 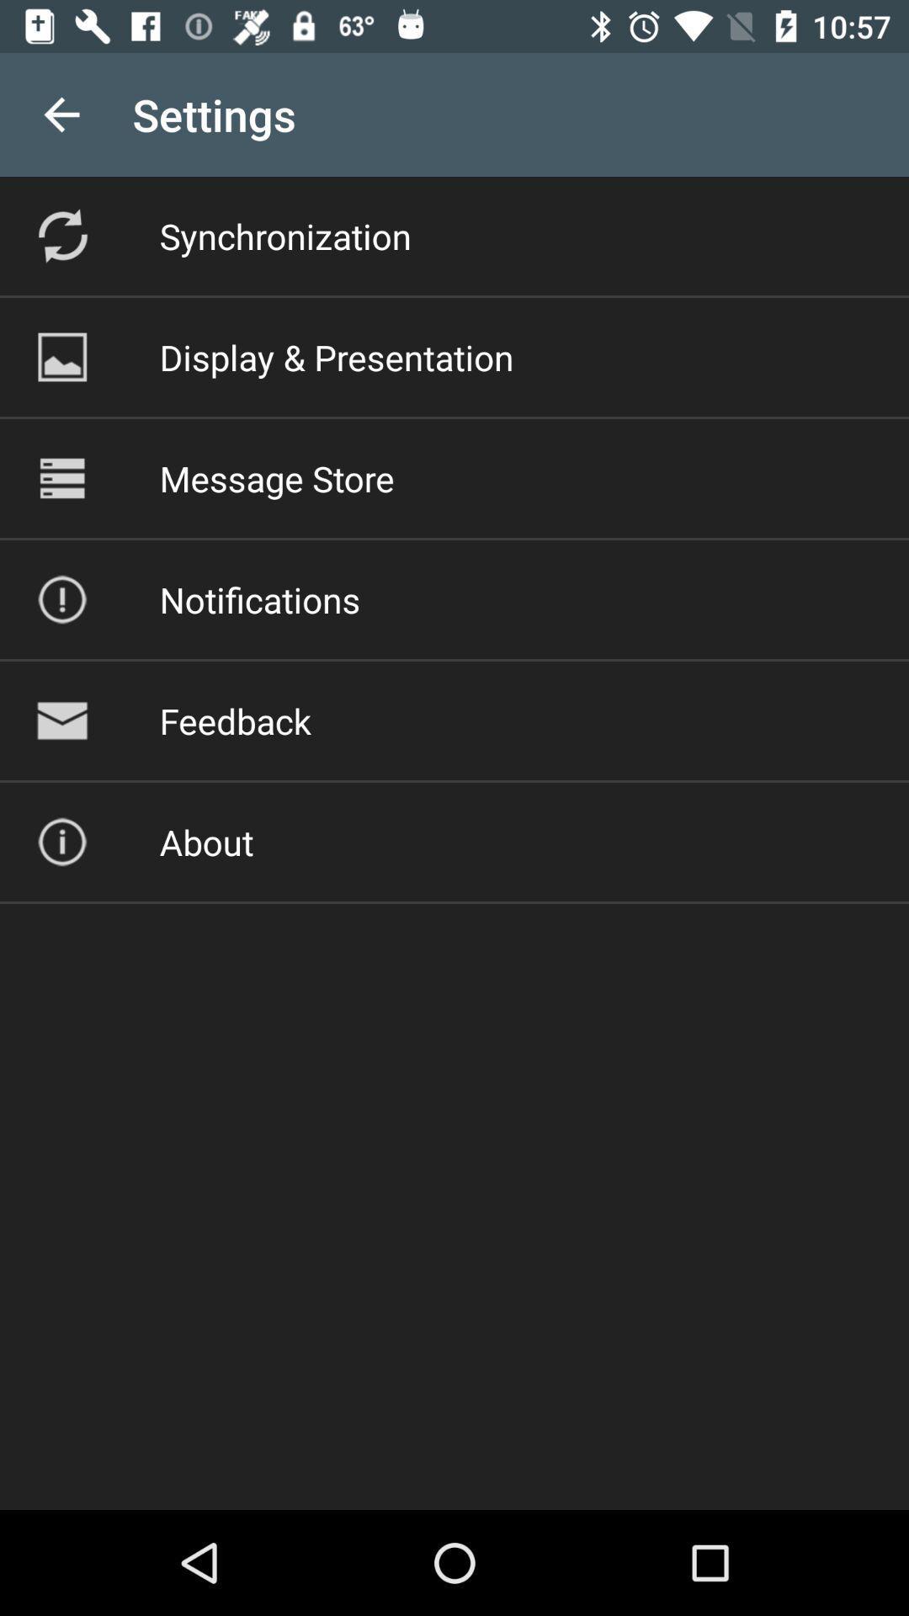 What do you see at coordinates (284, 235) in the screenshot?
I see `item above the display & presentation` at bounding box center [284, 235].